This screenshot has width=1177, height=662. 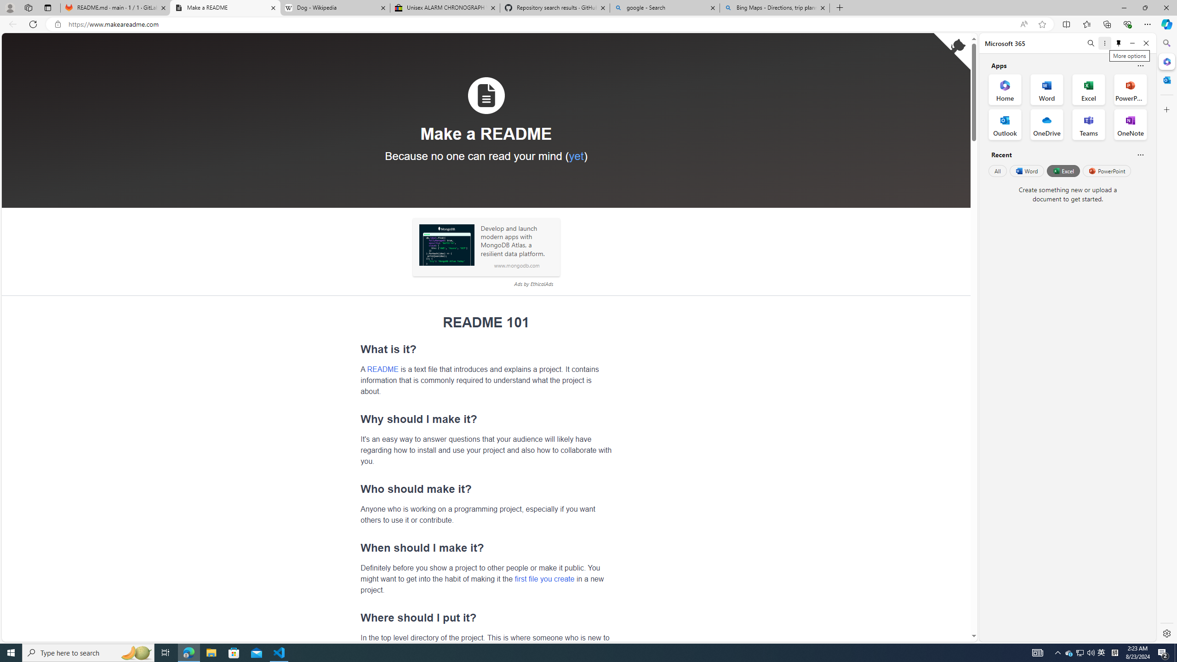 I want to click on 'Dog - Wikipedia', so click(x=335, y=7).